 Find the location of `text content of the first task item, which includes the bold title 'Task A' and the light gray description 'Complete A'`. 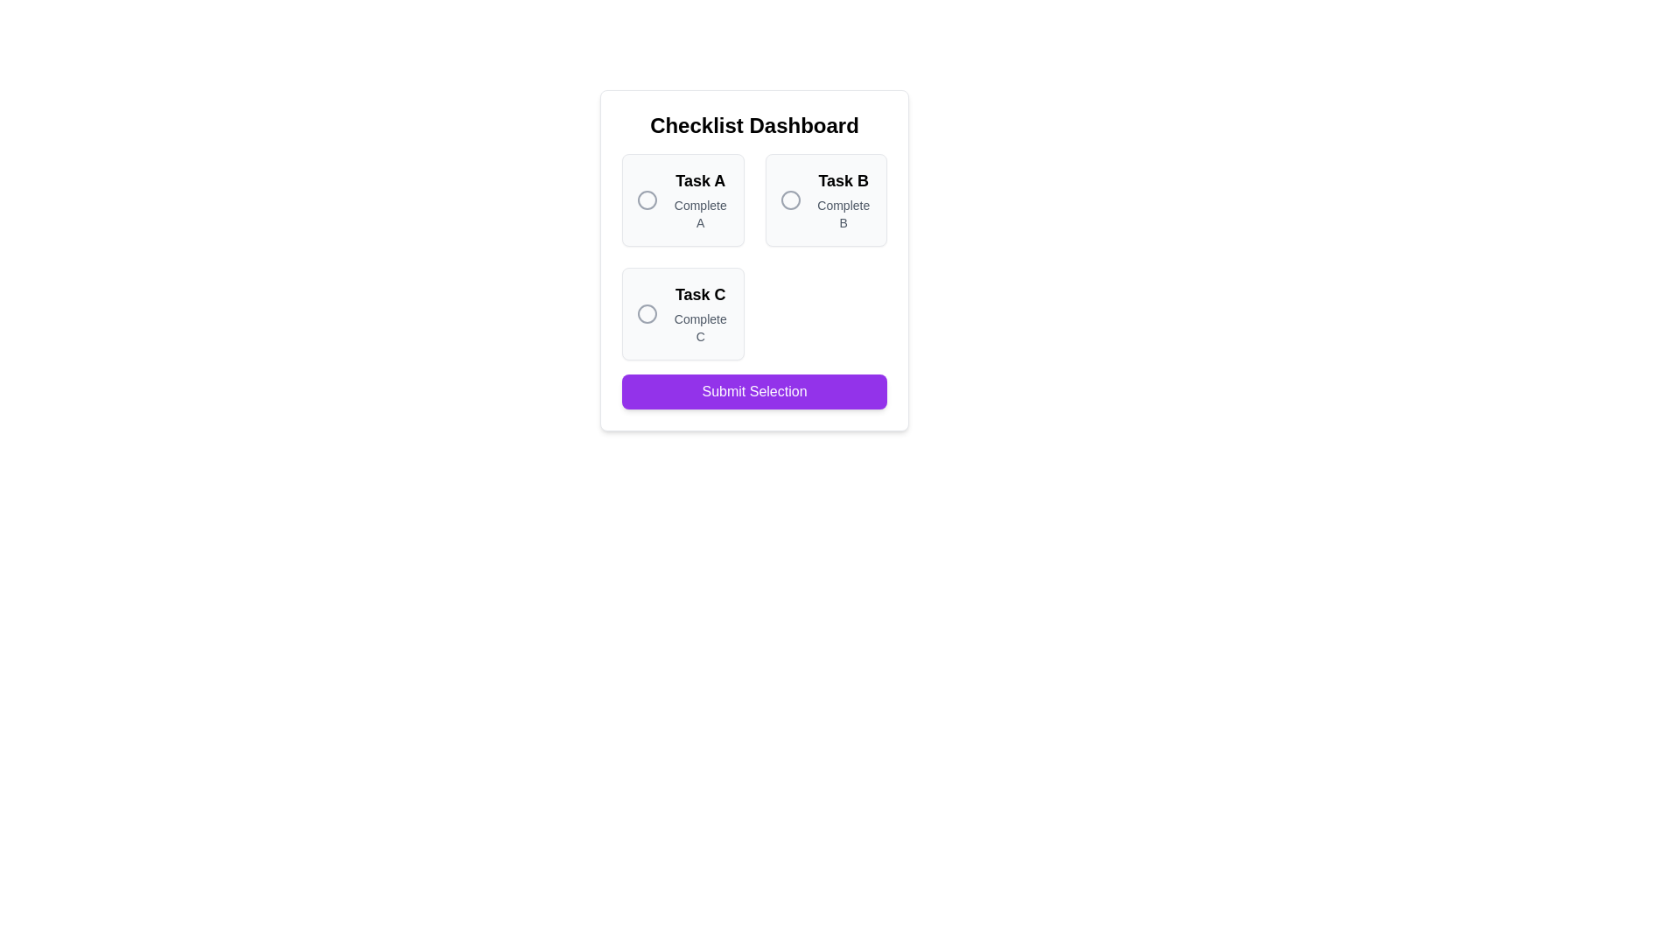

text content of the first task item, which includes the bold title 'Task A' and the light gray description 'Complete A' is located at coordinates (700, 199).